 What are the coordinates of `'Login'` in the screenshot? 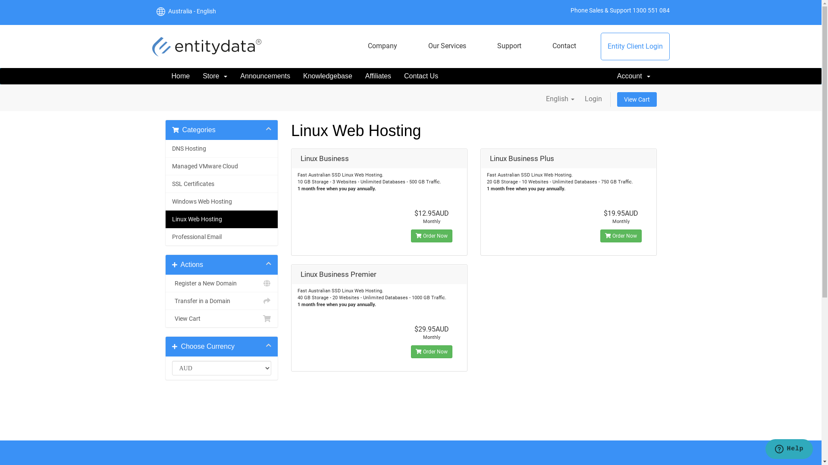 It's located at (593, 99).